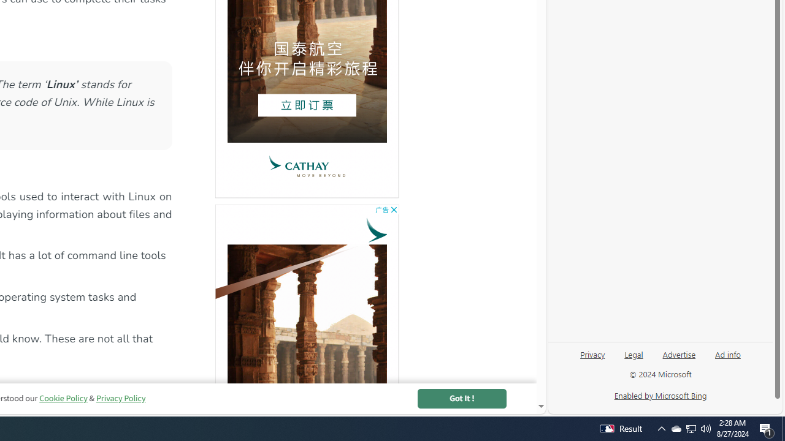 This screenshot has width=785, height=441. Describe the element at coordinates (63, 398) in the screenshot. I see `'Cookie Policy'` at that location.